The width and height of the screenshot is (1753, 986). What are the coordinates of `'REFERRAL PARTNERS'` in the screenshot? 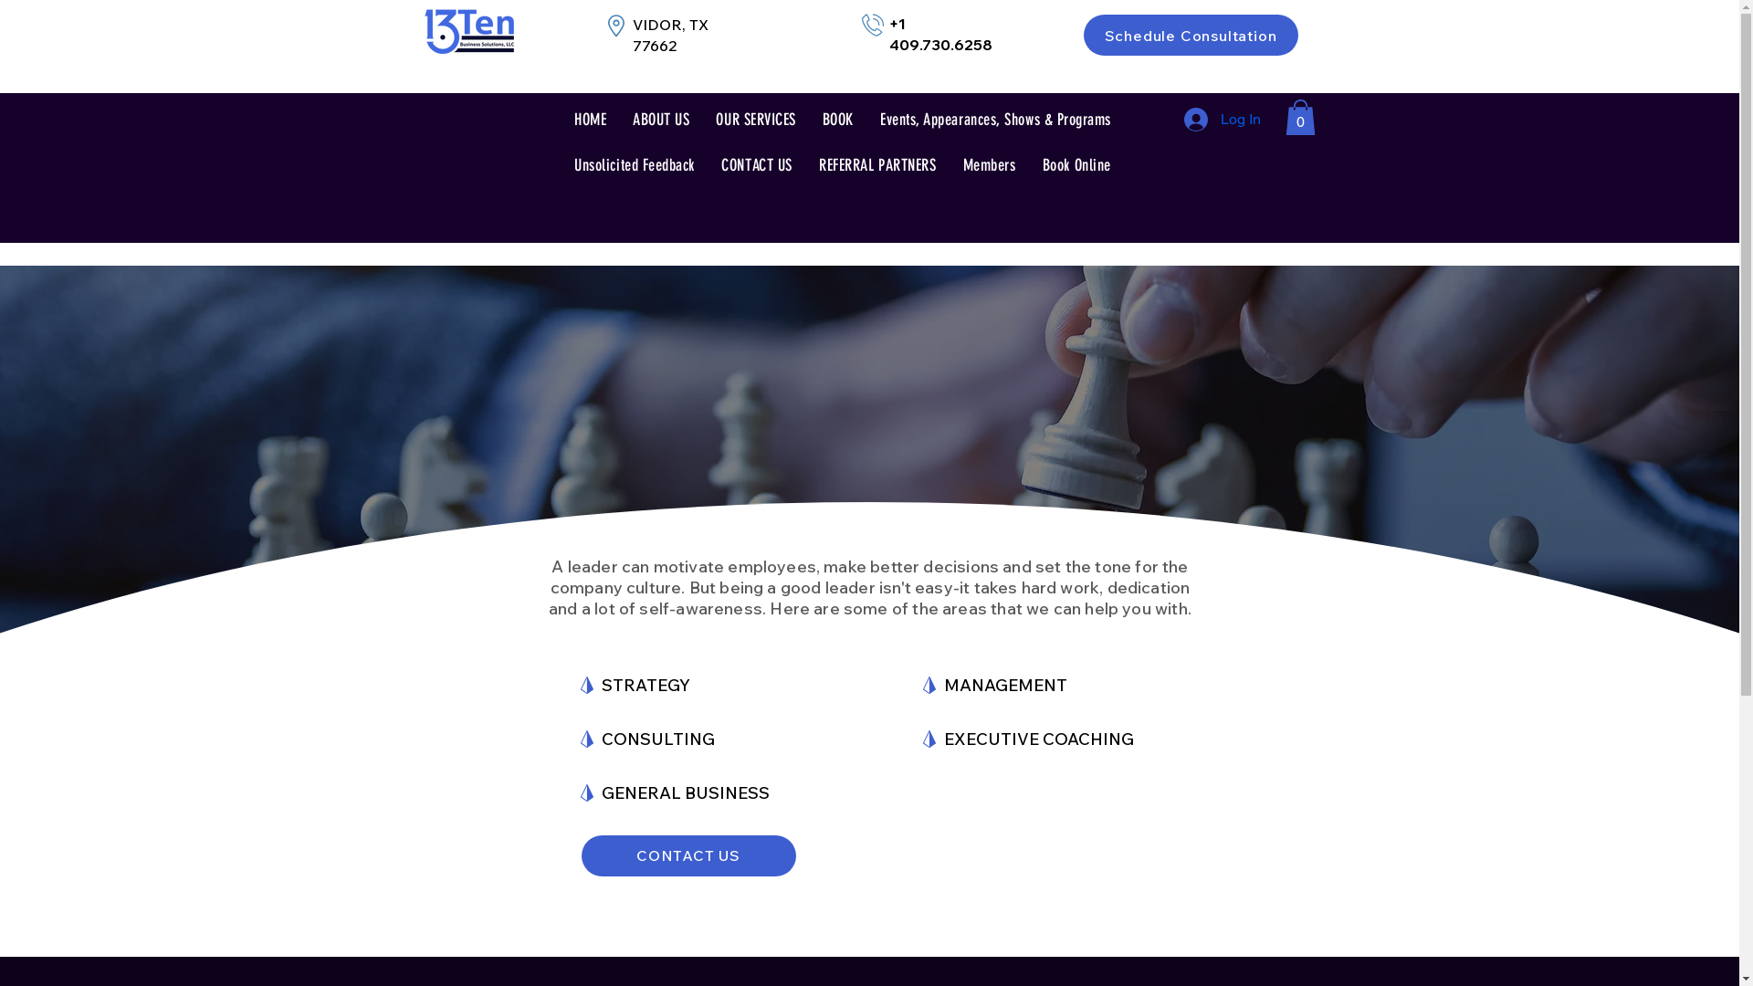 It's located at (808, 165).